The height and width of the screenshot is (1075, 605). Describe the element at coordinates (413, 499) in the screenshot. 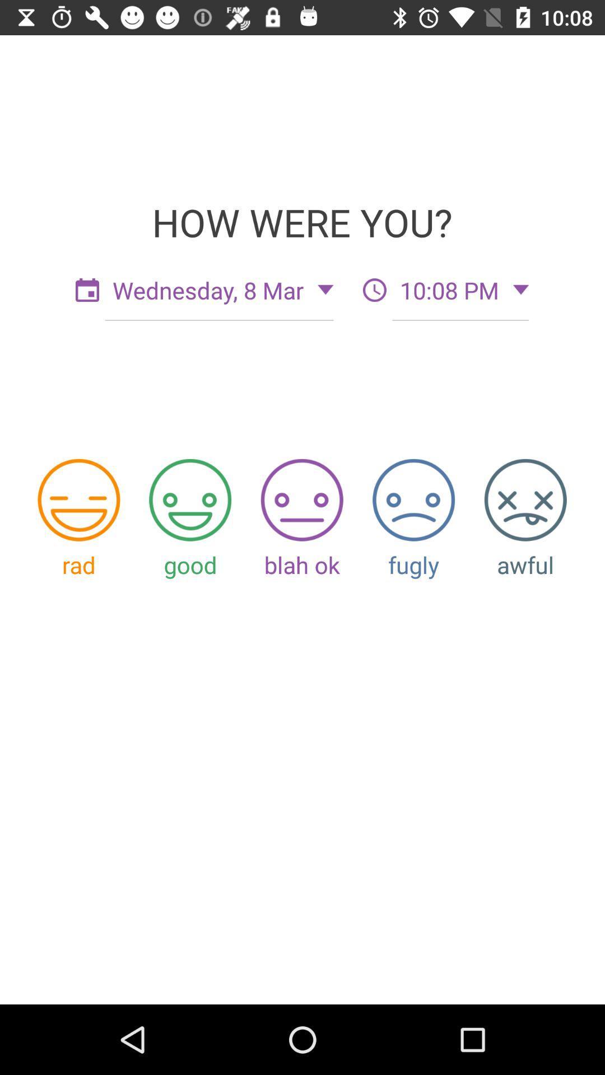

I see `the rating` at that location.